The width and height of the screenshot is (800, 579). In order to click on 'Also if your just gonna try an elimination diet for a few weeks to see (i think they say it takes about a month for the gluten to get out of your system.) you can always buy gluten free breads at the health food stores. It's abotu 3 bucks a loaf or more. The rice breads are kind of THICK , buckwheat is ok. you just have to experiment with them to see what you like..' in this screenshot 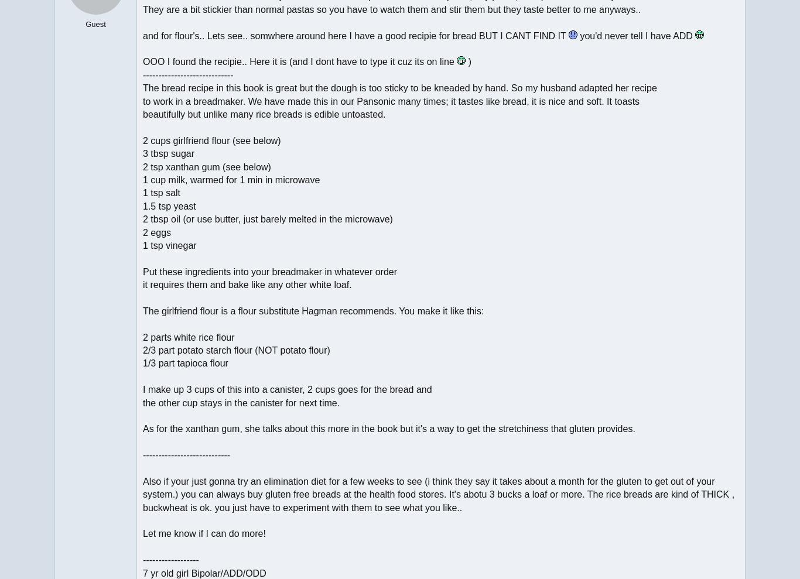, I will do `click(438, 494)`.